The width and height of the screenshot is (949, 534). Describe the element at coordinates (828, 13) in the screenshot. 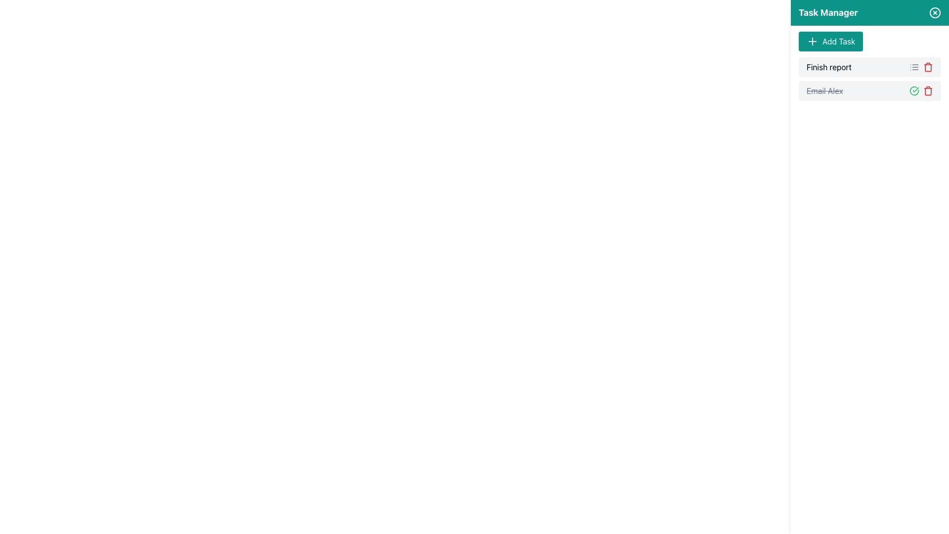

I see `the 'Task Manager' text label located in the teal header bar at the top left of the interface, providing context for the user` at that location.